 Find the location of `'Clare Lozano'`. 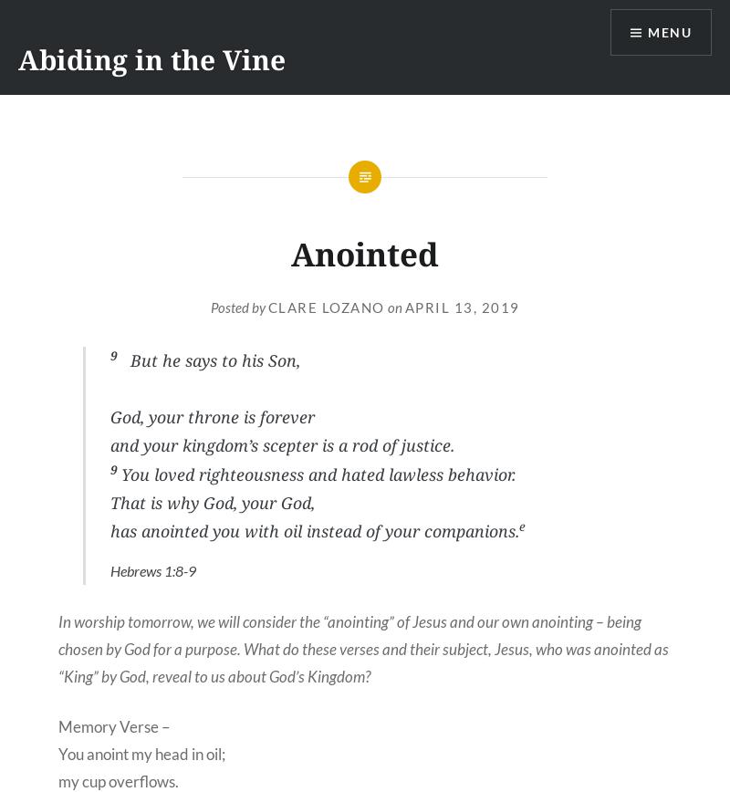

'Clare Lozano' is located at coordinates (326, 307).